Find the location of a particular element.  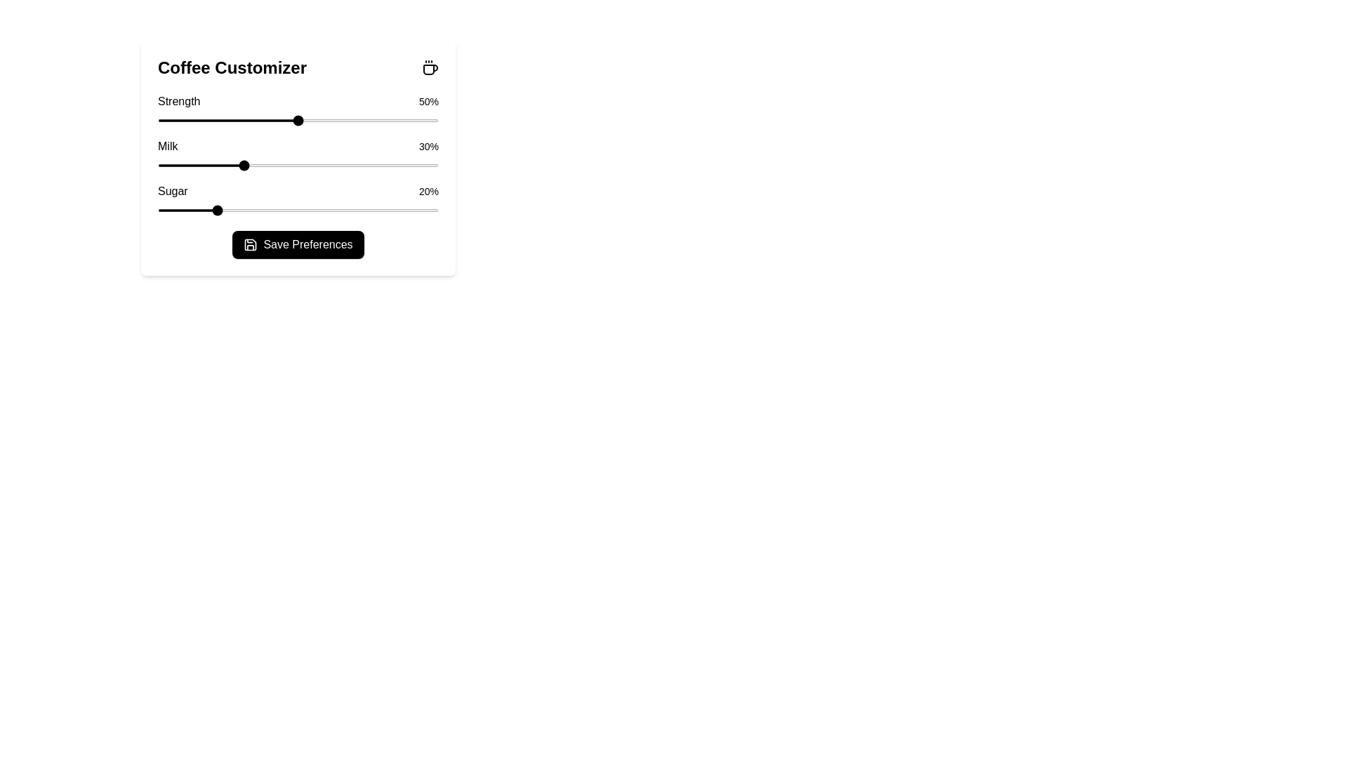

sugar level is located at coordinates (360, 211).